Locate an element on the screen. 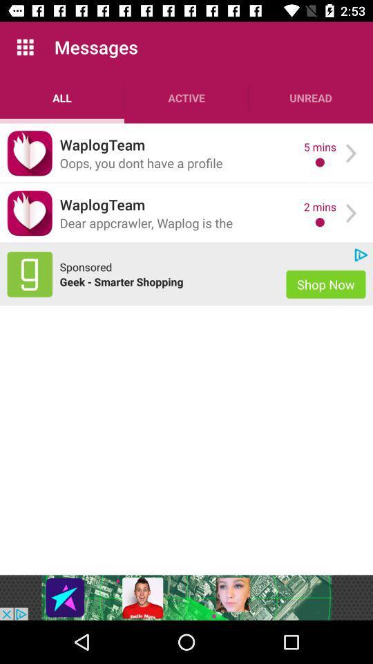  the image which is beside the text waplog team is located at coordinates (30, 154).